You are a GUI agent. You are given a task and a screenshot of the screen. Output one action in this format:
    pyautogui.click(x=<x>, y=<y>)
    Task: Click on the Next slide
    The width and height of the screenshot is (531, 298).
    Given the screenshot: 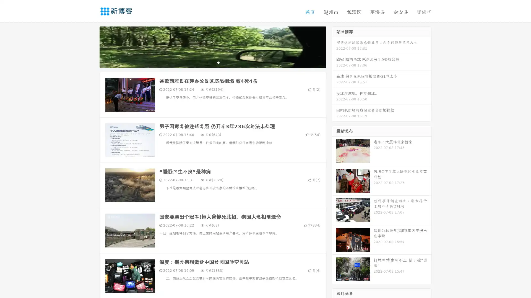 What is the action you would take?
    pyautogui.click(x=334, y=46)
    